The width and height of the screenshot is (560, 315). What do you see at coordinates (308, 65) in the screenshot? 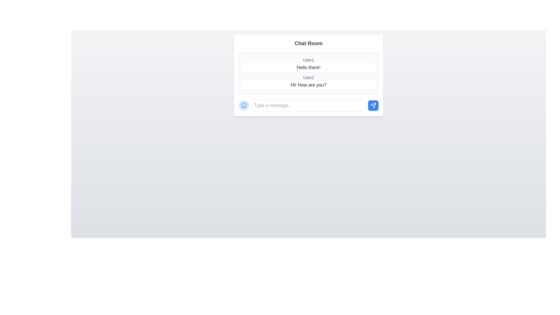
I see `the chat message bubble sent by 'User1', which is the first message in the chat sequence` at bounding box center [308, 65].